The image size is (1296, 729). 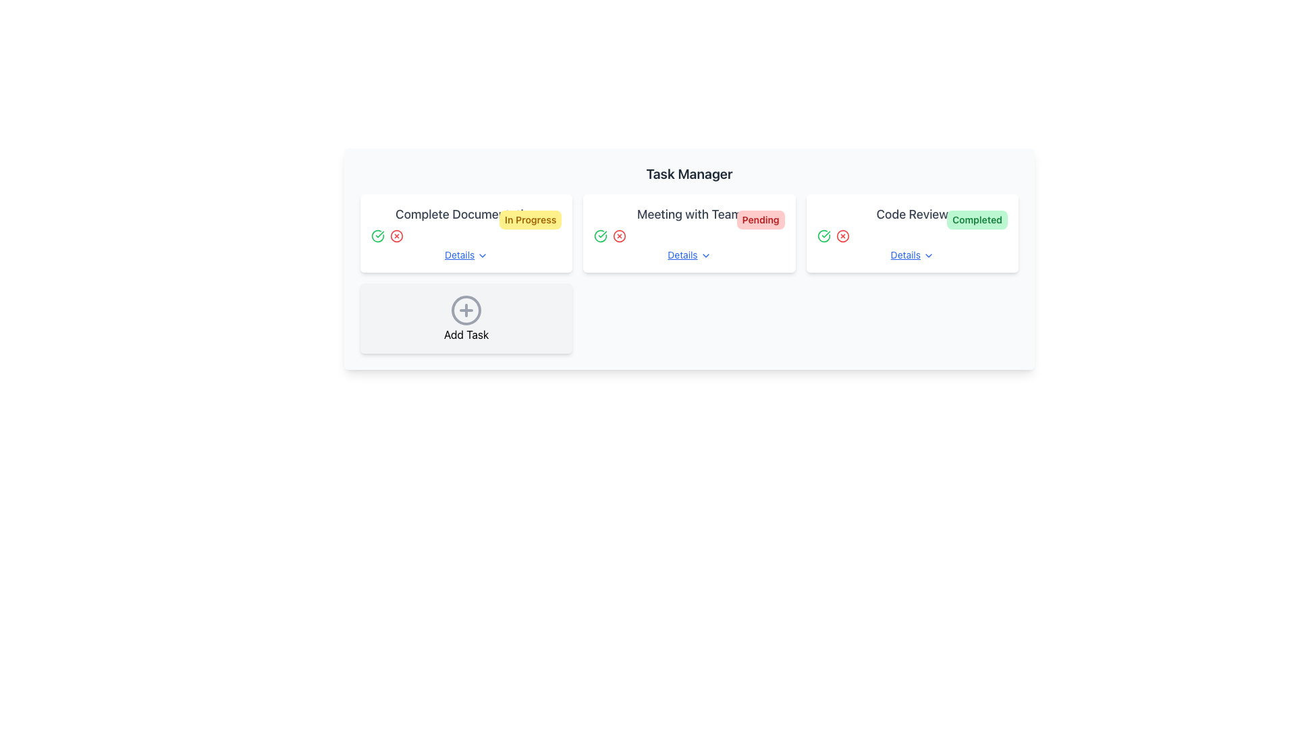 I want to click on the text label displaying the title 'Meeting with Team' located at the top of the middle task card, positioned between the 'Complete Document' and 'Code Review' cards, so click(x=689, y=213).